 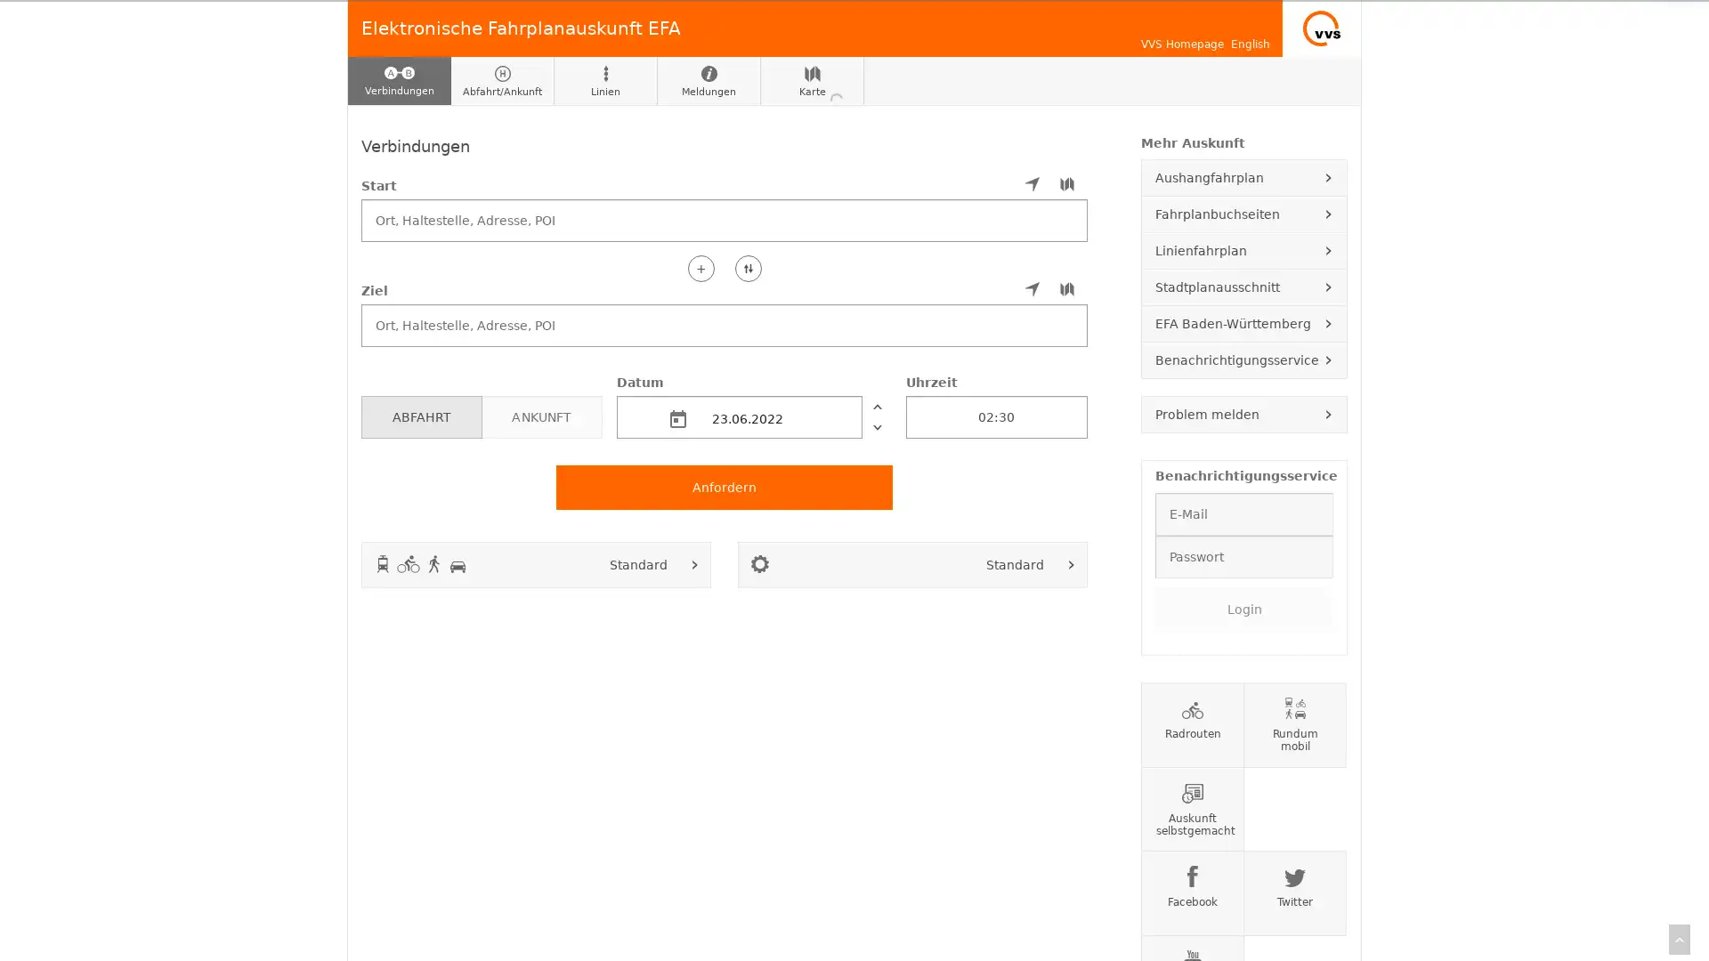 I want to click on Login, so click(x=1243, y=607).